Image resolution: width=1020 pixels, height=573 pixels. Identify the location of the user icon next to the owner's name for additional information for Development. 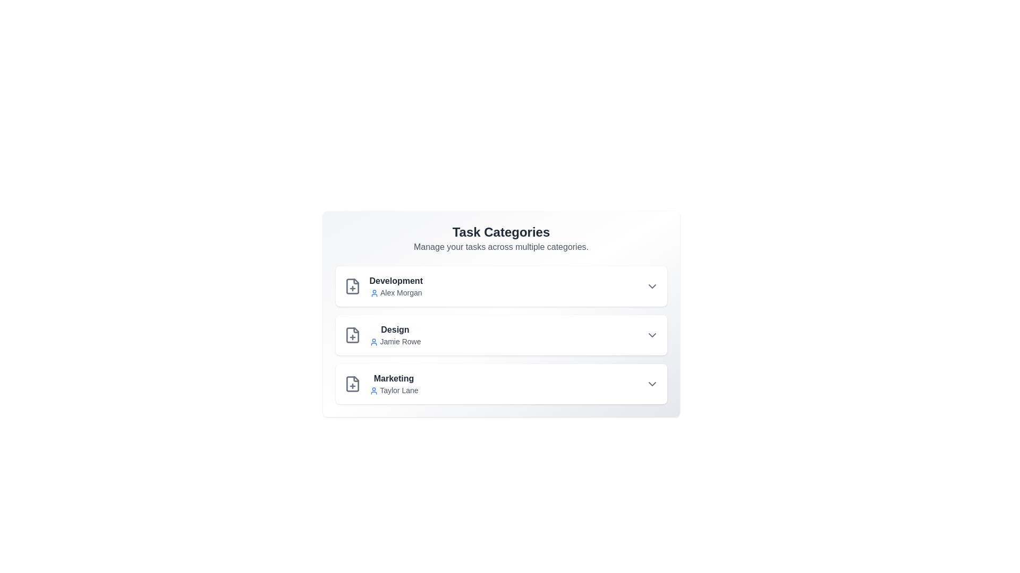
(374, 293).